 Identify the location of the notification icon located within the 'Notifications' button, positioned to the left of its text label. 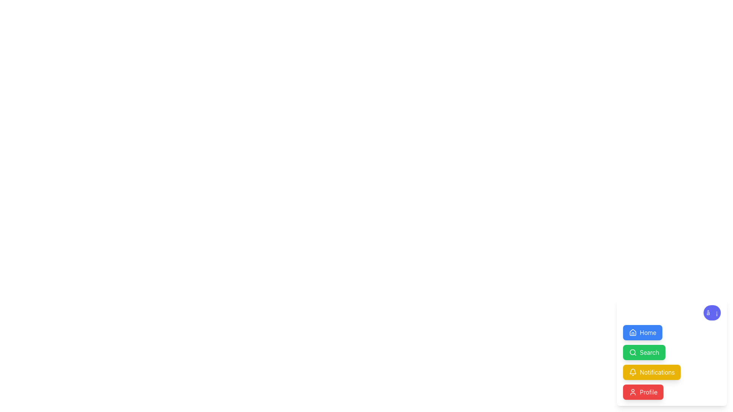
(633, 372).